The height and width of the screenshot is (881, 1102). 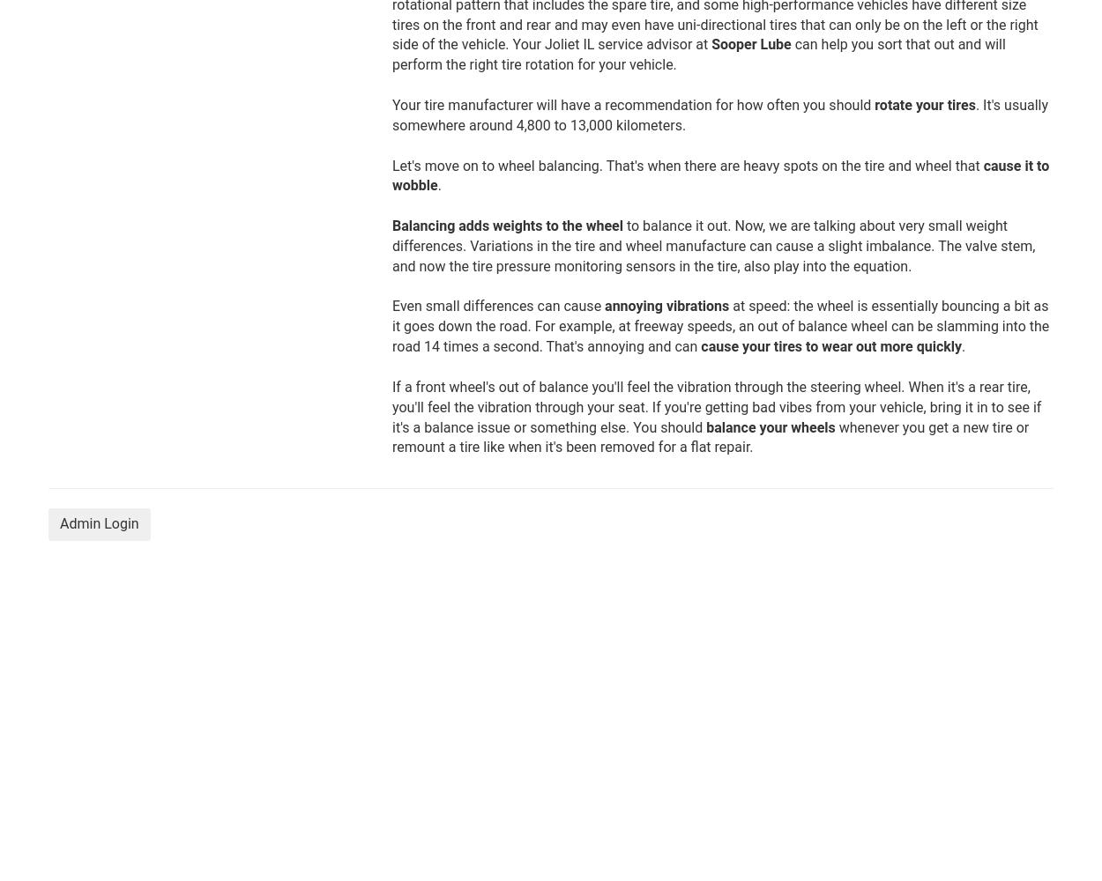 What do you see at coordinates (98, 522) in the screenshot?
I see `'Admin Login'` at bounding box center [98, 522].